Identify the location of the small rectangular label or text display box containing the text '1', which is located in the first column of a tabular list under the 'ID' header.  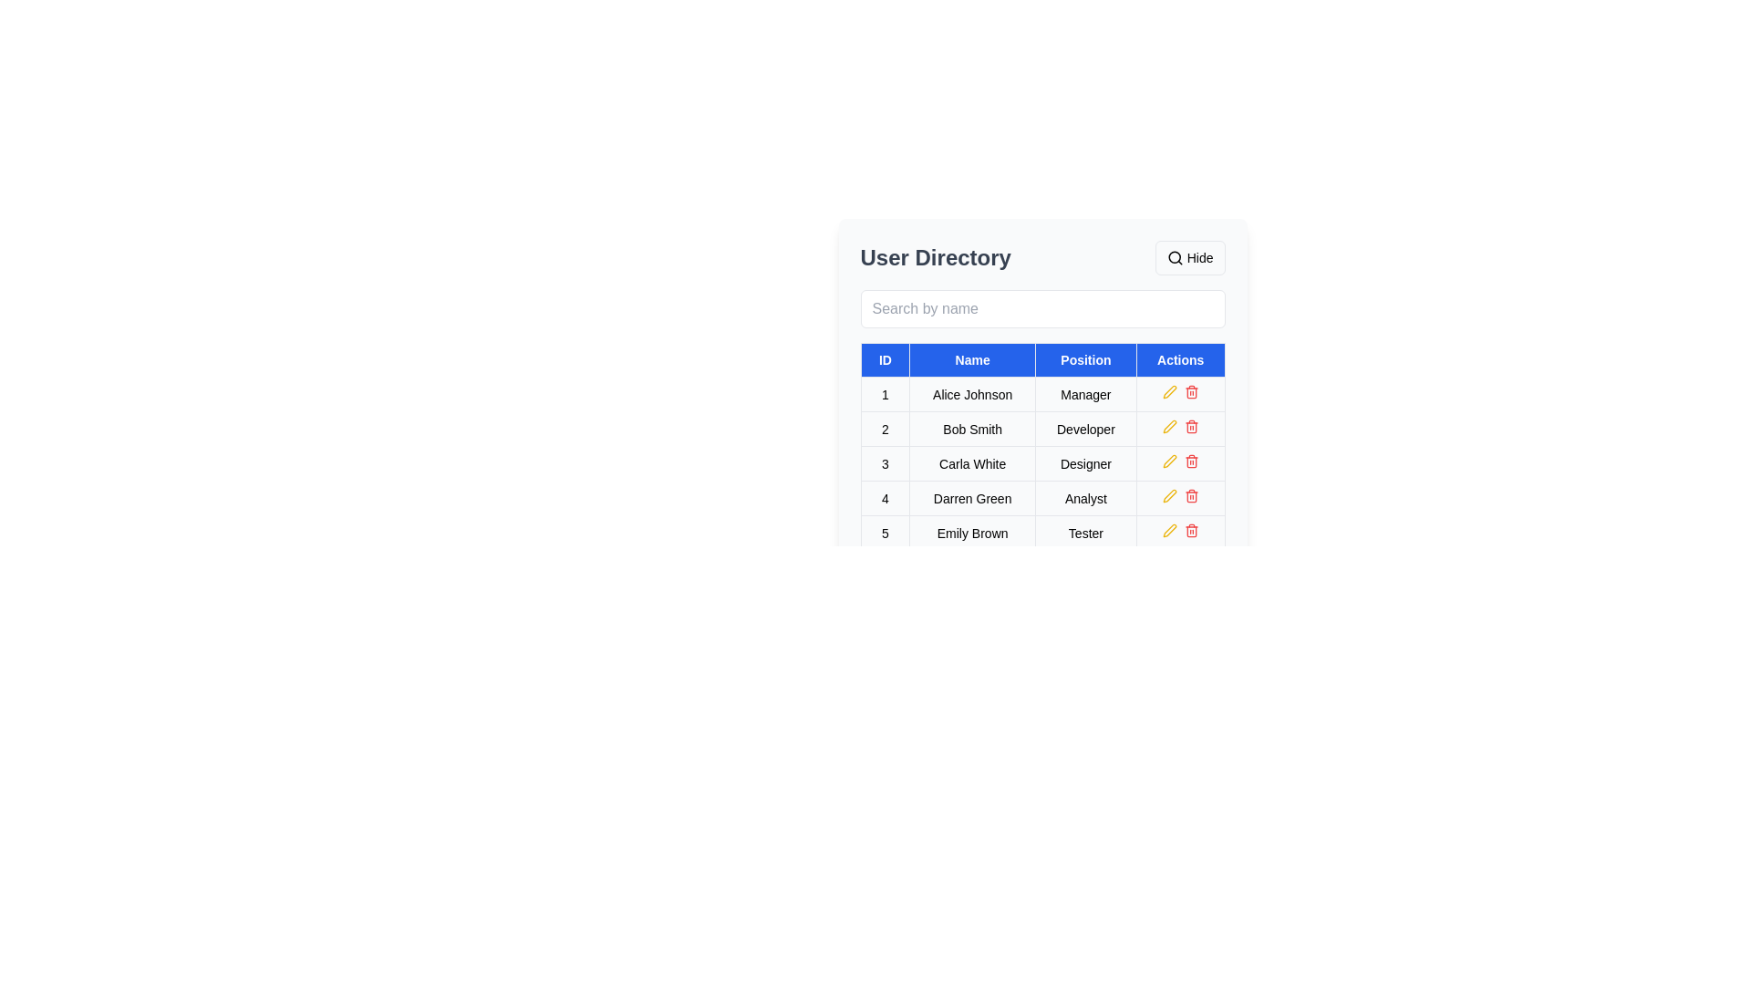
(885, 393).